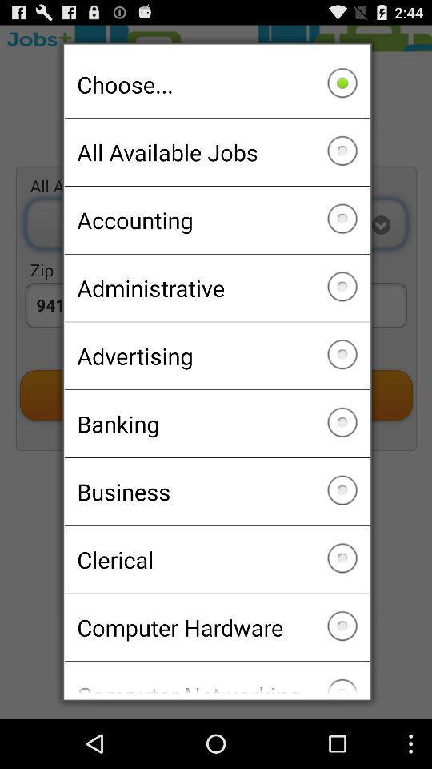 The width and height of the screenshot is (432, 769). Describe the element at coordinates (216, 152) in the screenshot. I see `all available jobs` at that location.